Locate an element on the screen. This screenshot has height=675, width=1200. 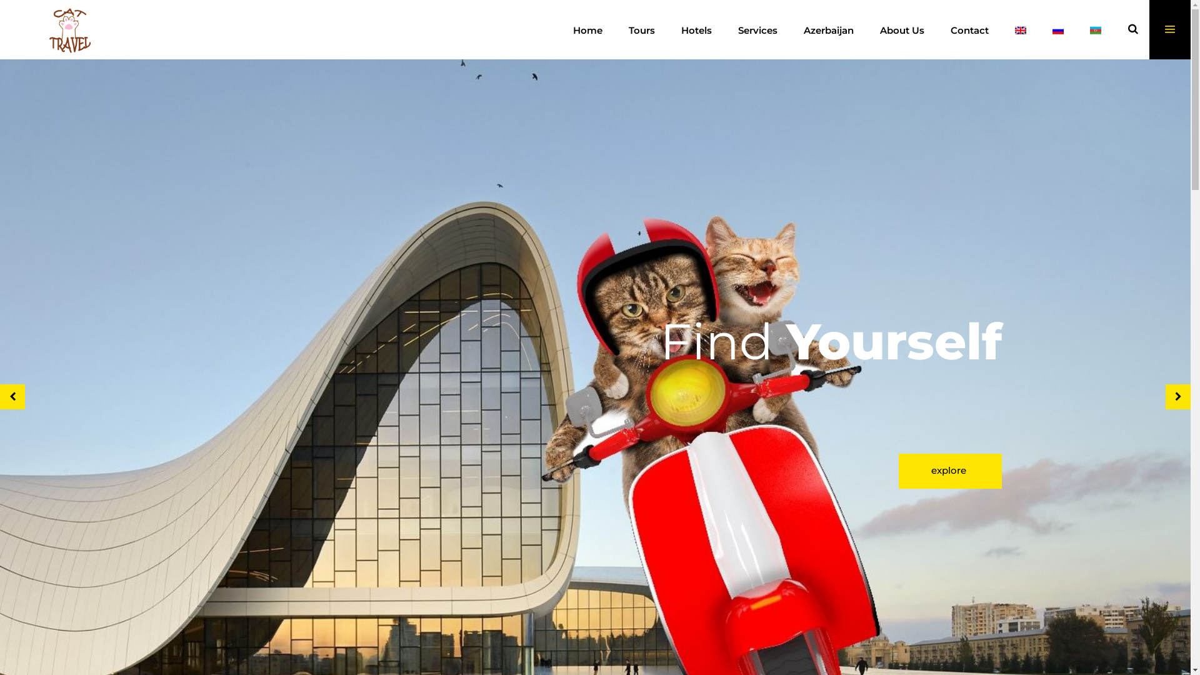
'English' is located at coordinates (1020, 29).